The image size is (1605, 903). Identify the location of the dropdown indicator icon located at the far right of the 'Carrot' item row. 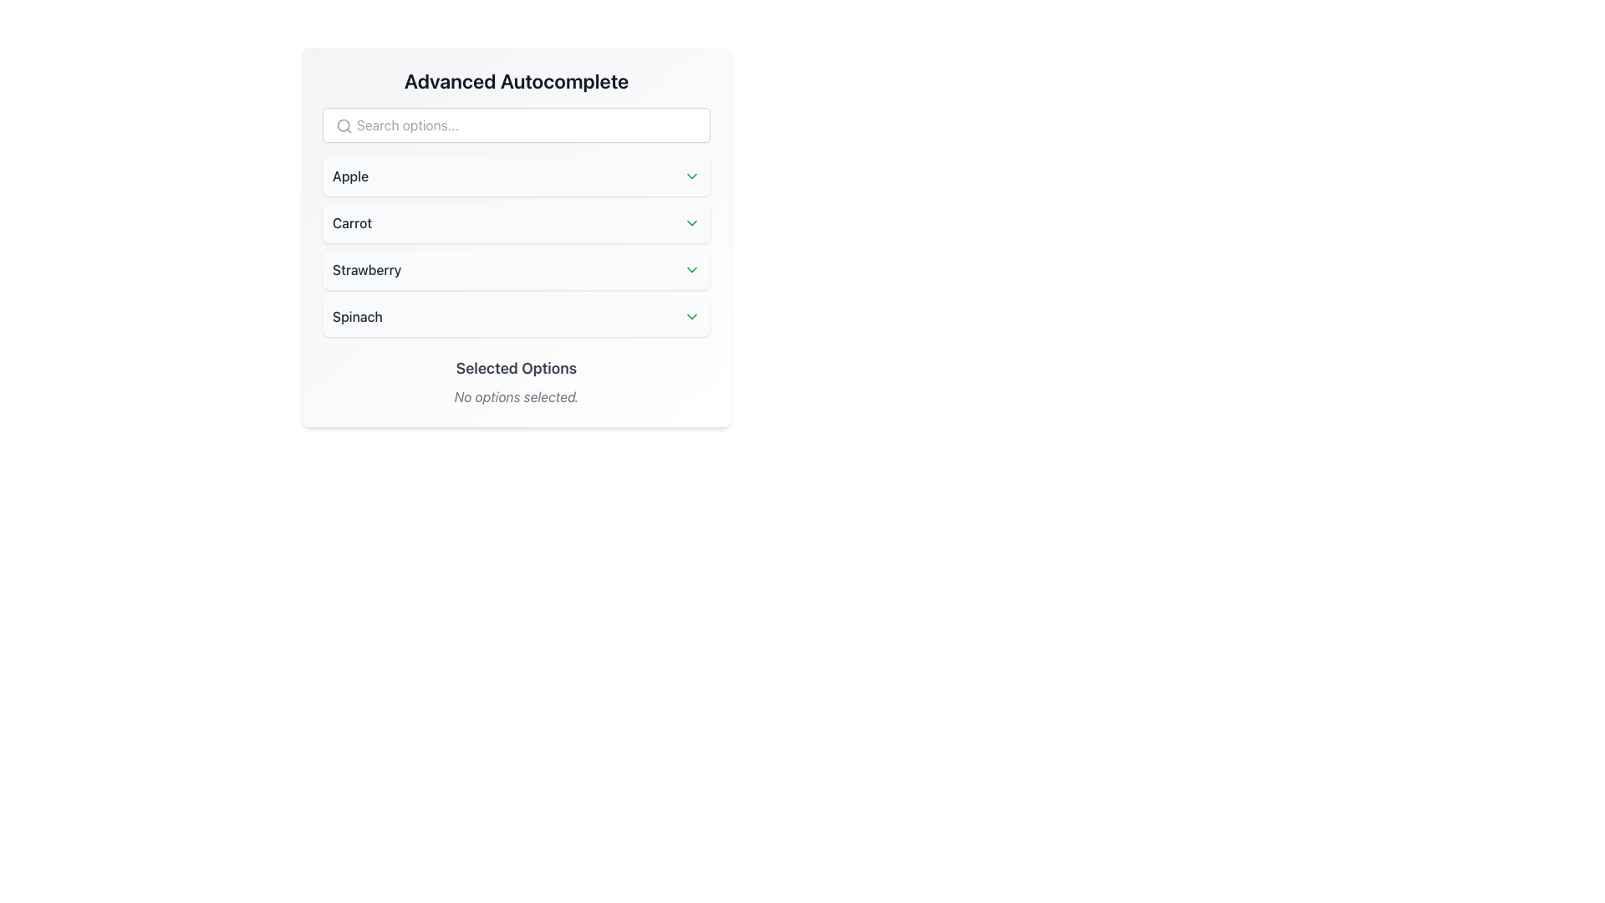
(692, 222).